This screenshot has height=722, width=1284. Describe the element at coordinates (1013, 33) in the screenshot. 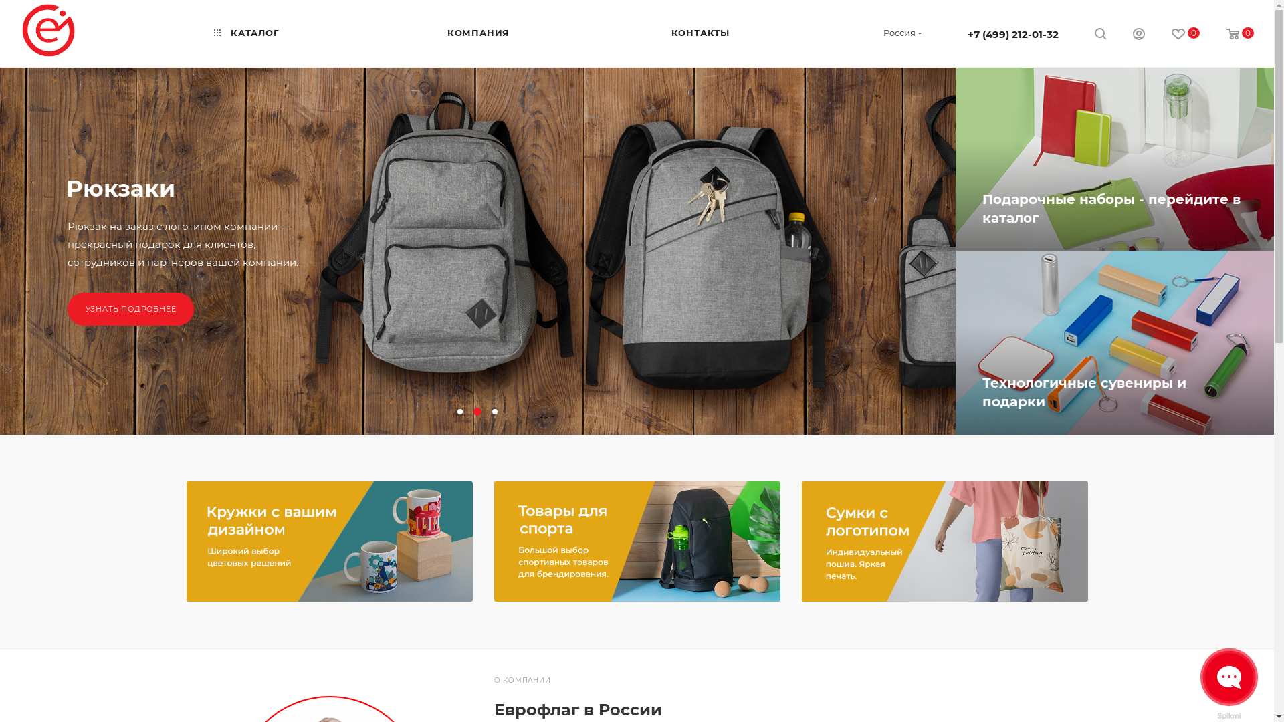

I see `'+7 (499) 212-01-32'` at that location.